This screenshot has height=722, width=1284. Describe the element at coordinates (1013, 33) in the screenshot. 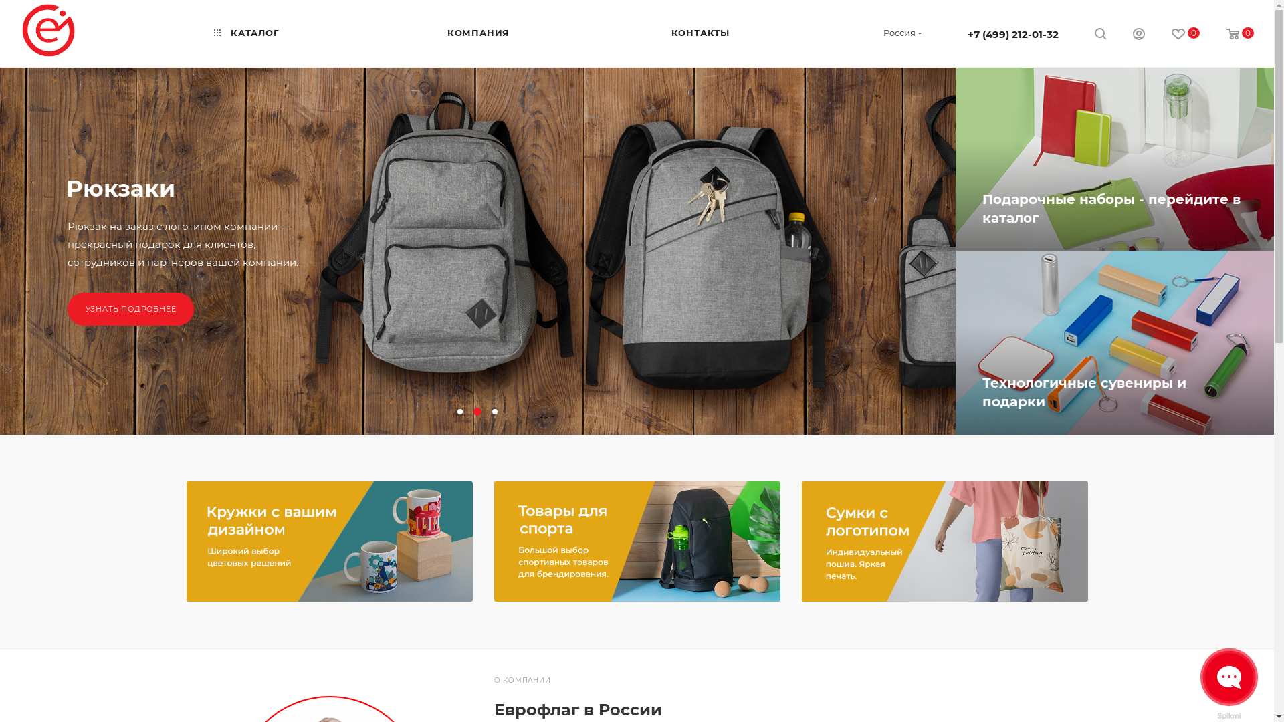

I see `'+7 (499) 212-01-32'` at that location.